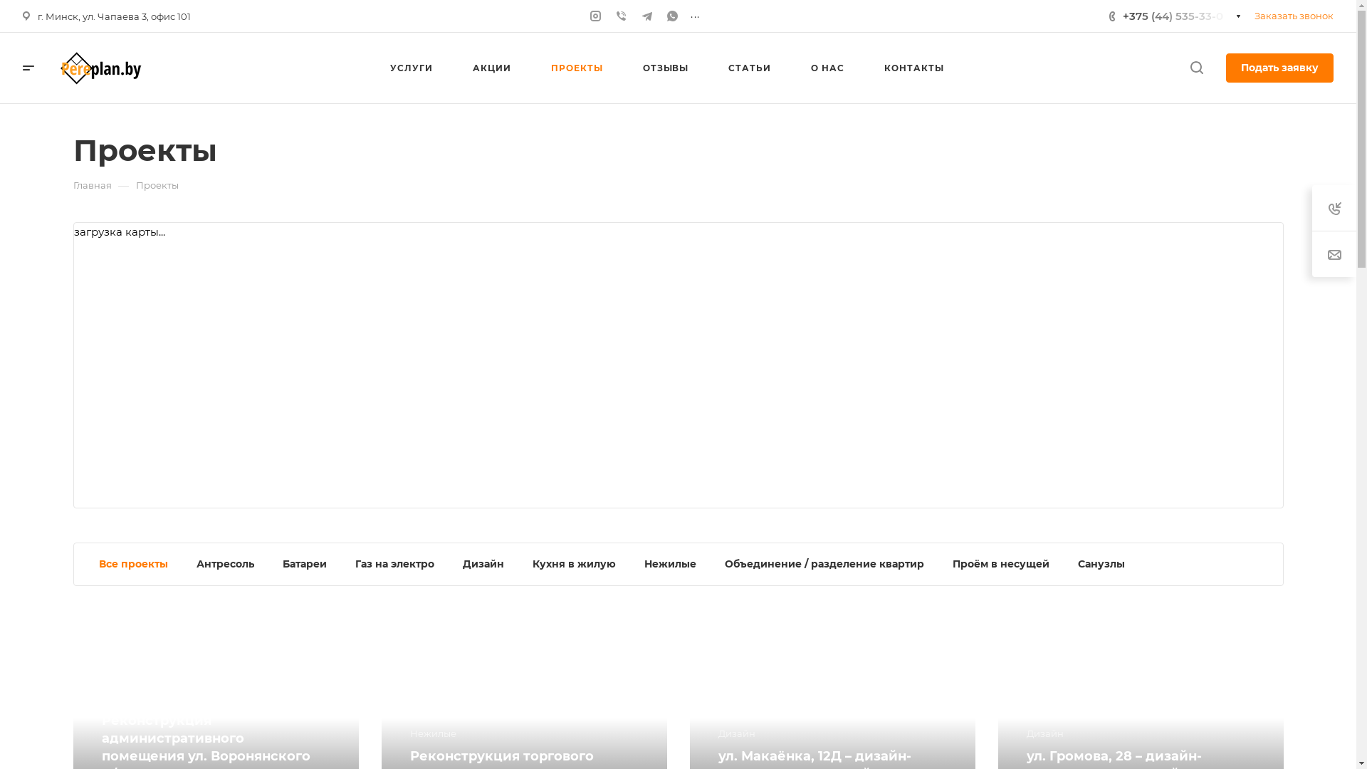 The image size is (1367, 769). Describe the element at coordinates (1176, 16) in the screenshot. I see `'+375 (44) 535-33-0'` at that location.